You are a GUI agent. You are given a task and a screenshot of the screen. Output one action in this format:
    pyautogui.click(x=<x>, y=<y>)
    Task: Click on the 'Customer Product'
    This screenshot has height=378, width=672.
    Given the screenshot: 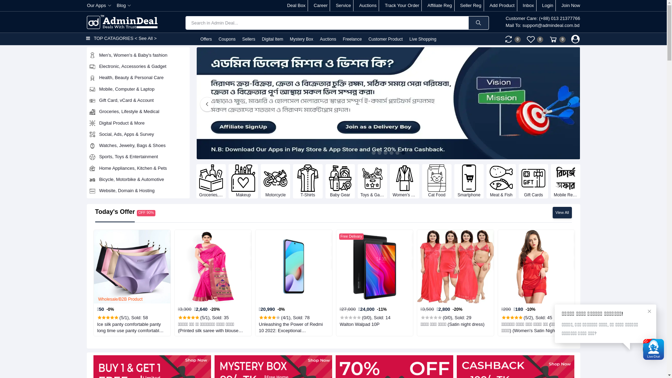 What is the action you would take?
    pyautogui.click(x=385, y=39)
    